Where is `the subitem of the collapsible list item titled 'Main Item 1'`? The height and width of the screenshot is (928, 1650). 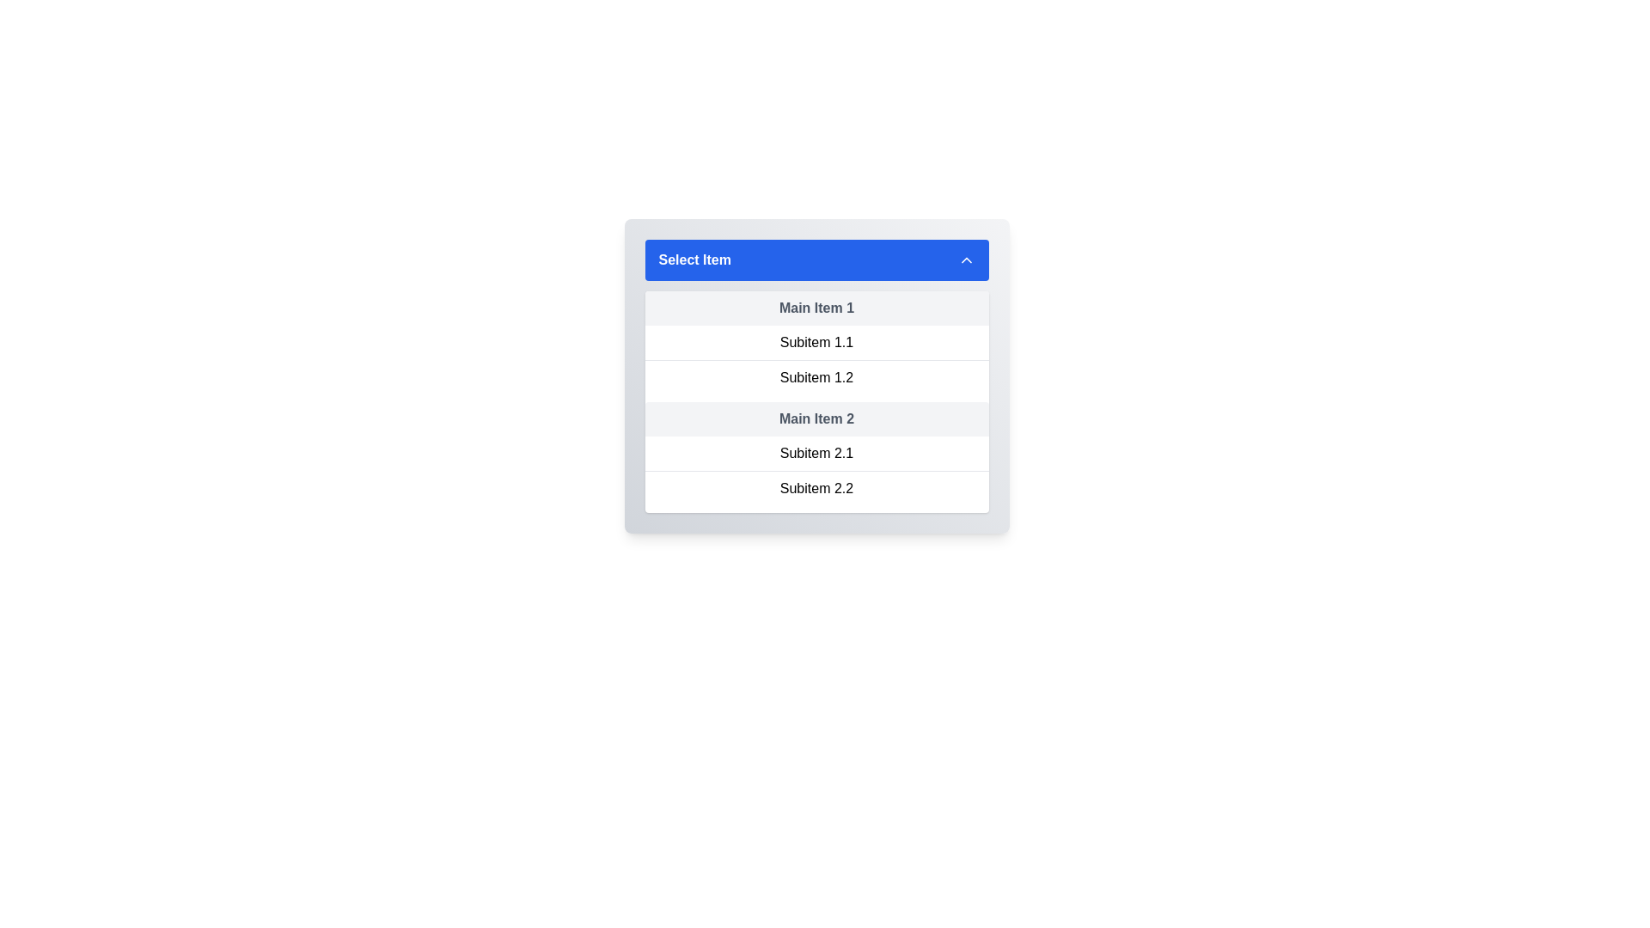 the subitem of the collapsible list item titled 'Main Item 1' is located at coordinates (816, 346).